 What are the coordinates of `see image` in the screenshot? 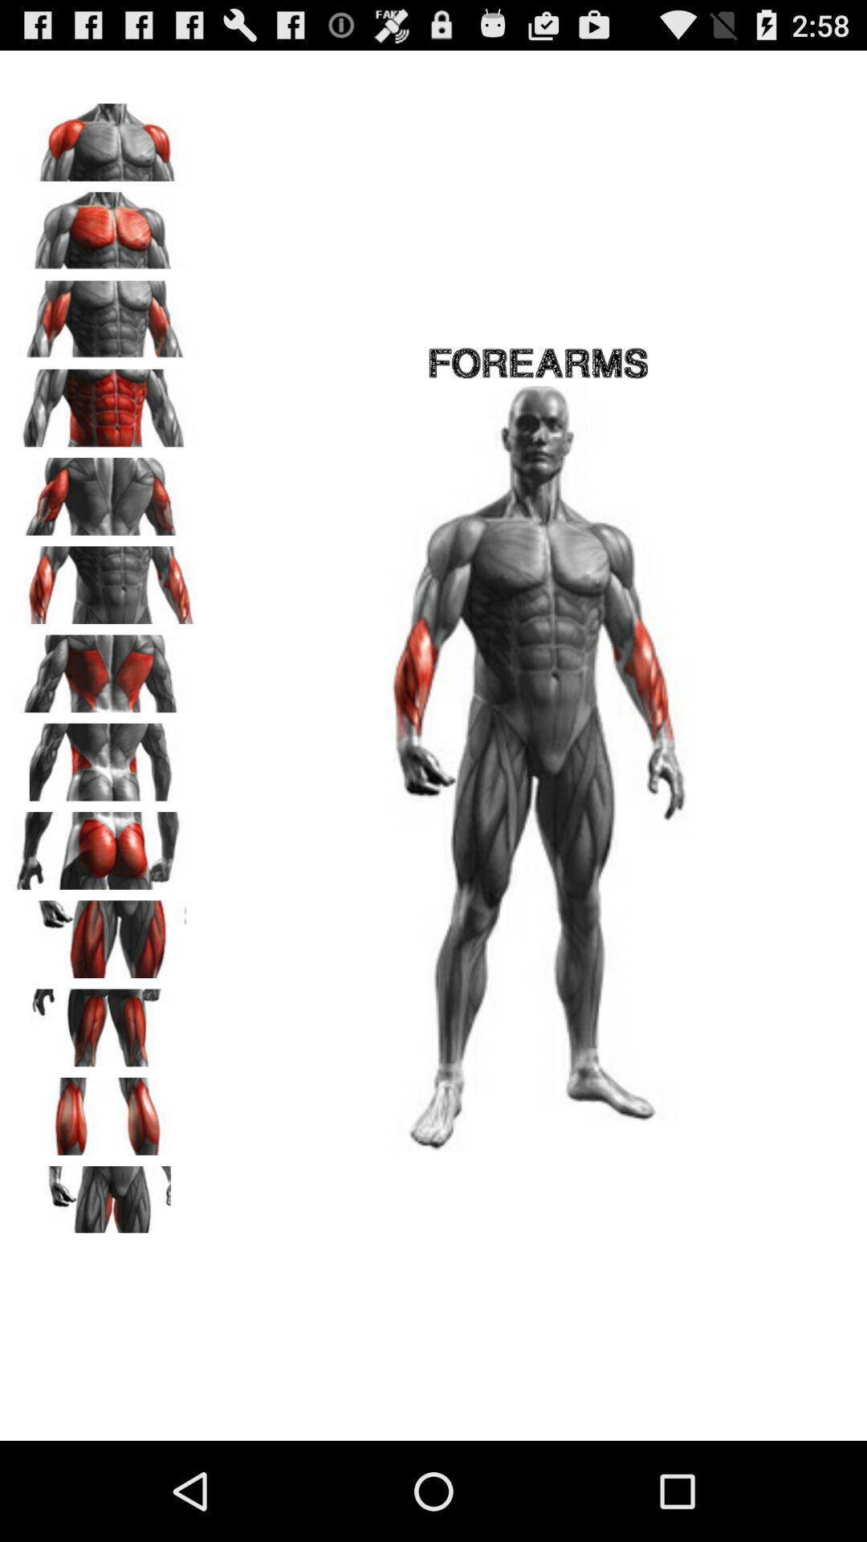 It's located at (105, 668).